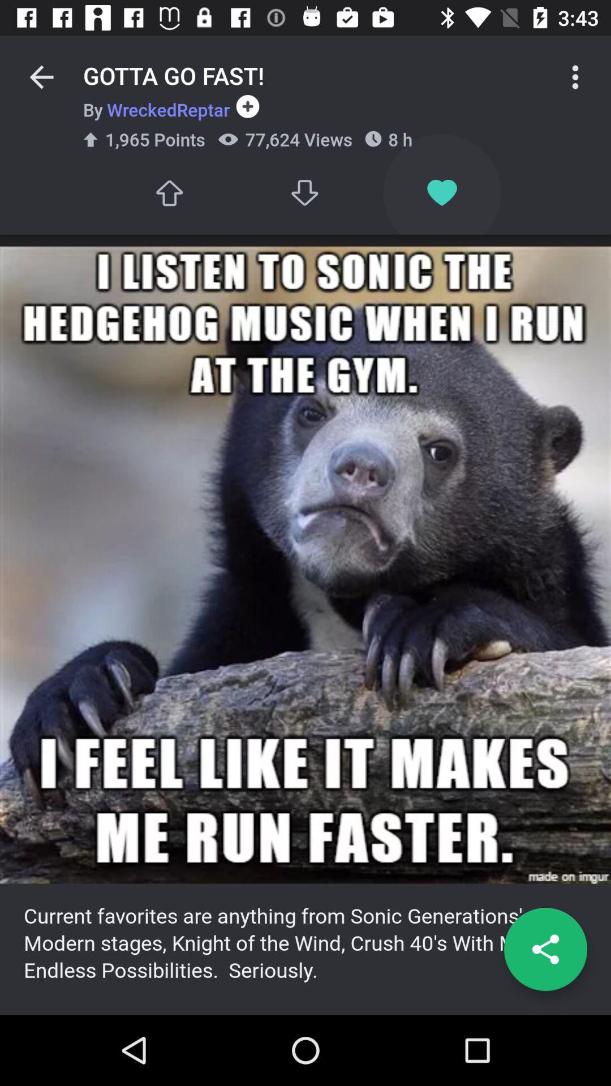 The width and height of the screenshot is (611, 1086). I want to click on the arrow_downward icon, so click(305, 193).